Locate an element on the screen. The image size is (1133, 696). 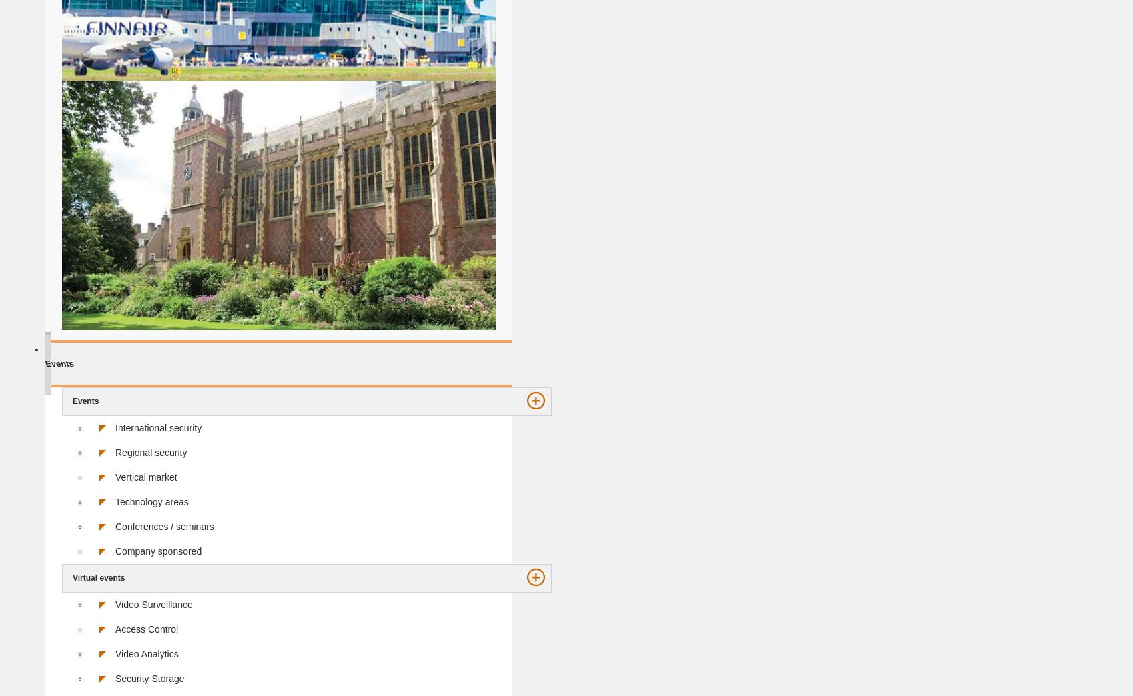
'International security' is located at coordinates (158, 427).